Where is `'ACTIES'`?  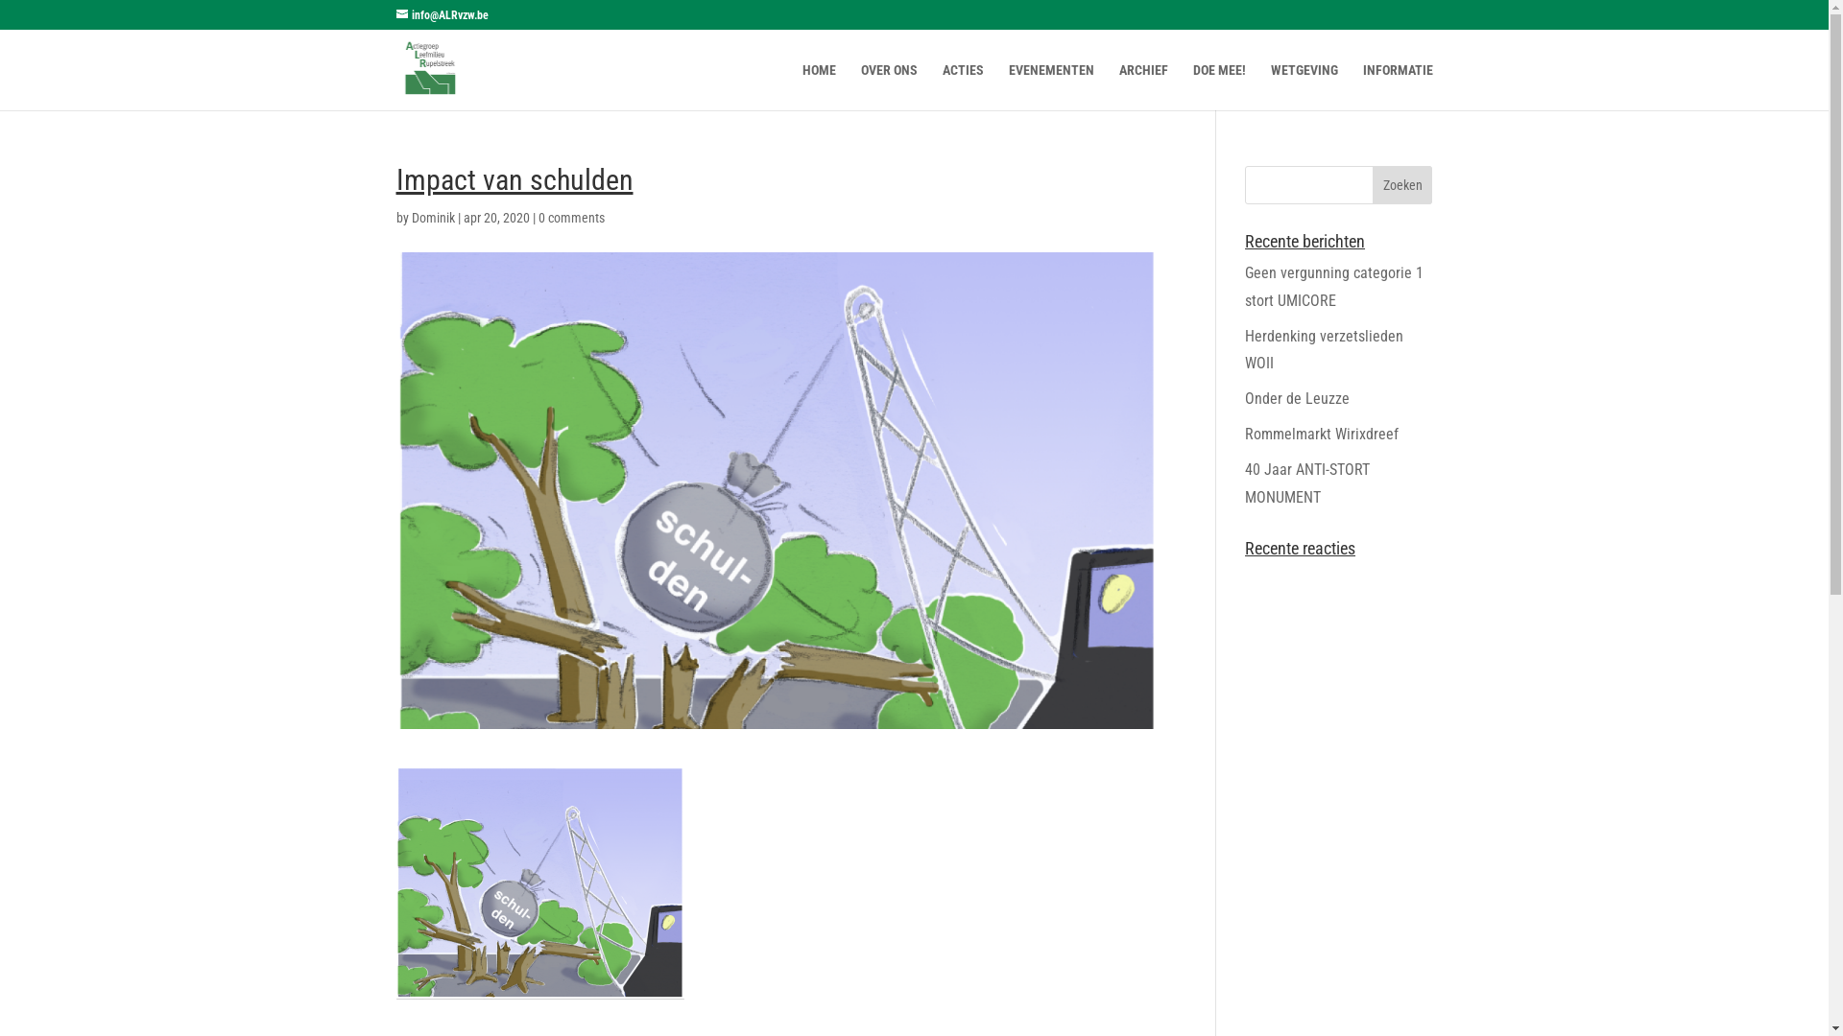 'ACTIES' is located at coordinates (963, 86).